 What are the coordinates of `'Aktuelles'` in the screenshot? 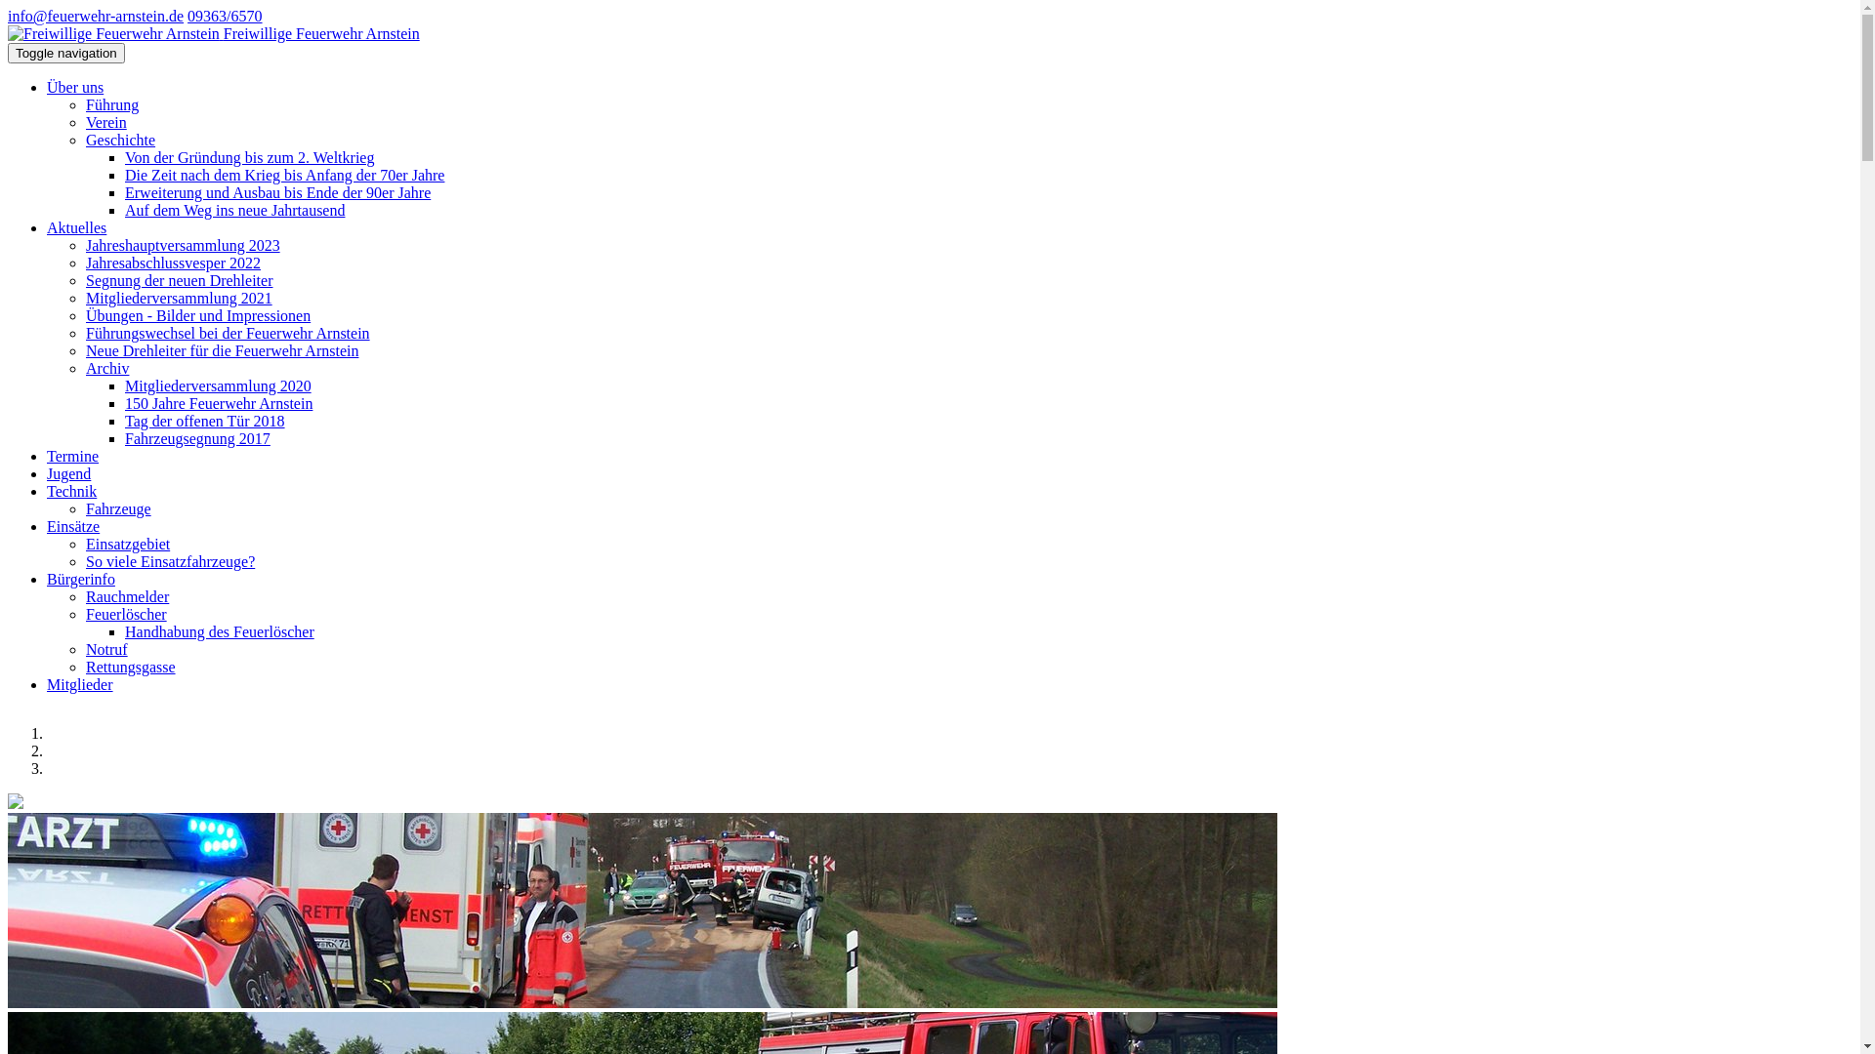 It's located at (76, 226).